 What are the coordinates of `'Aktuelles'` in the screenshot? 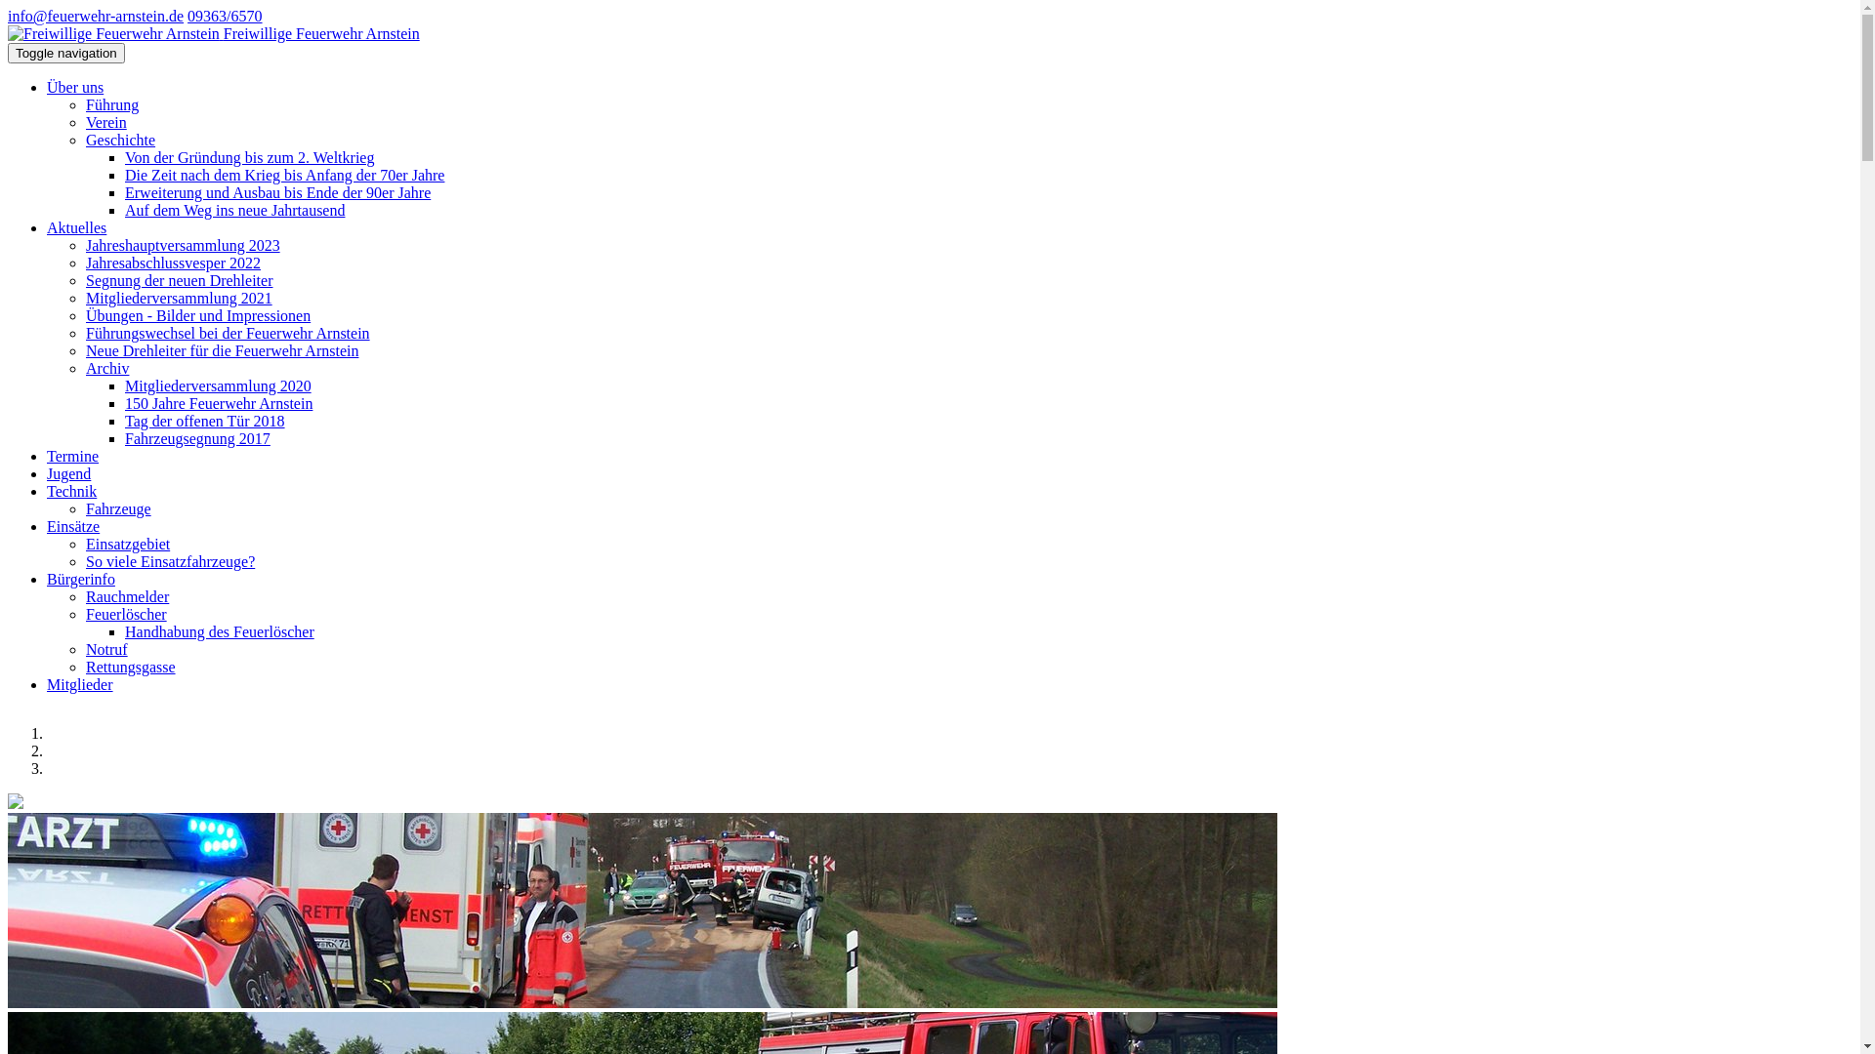 It's located at (76, 226).